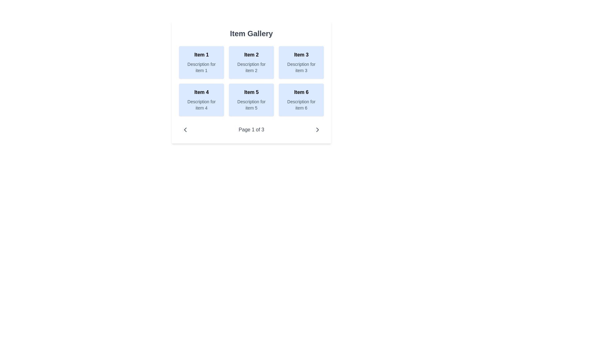 The width and height of the screenshot is (599, 337). I want to click on the chevron icon button that navigates backward, so click(185, 129).